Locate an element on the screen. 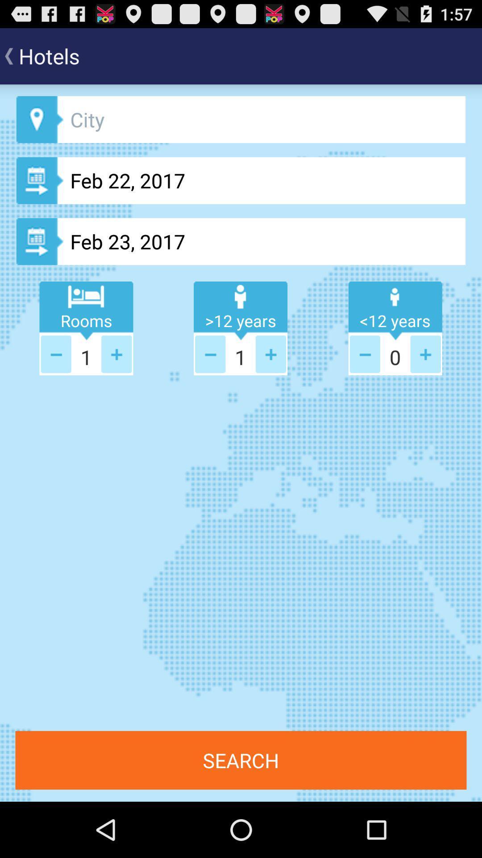 The image size is (482, 858). the decrease of rooms is located at coordinates (56, 353).